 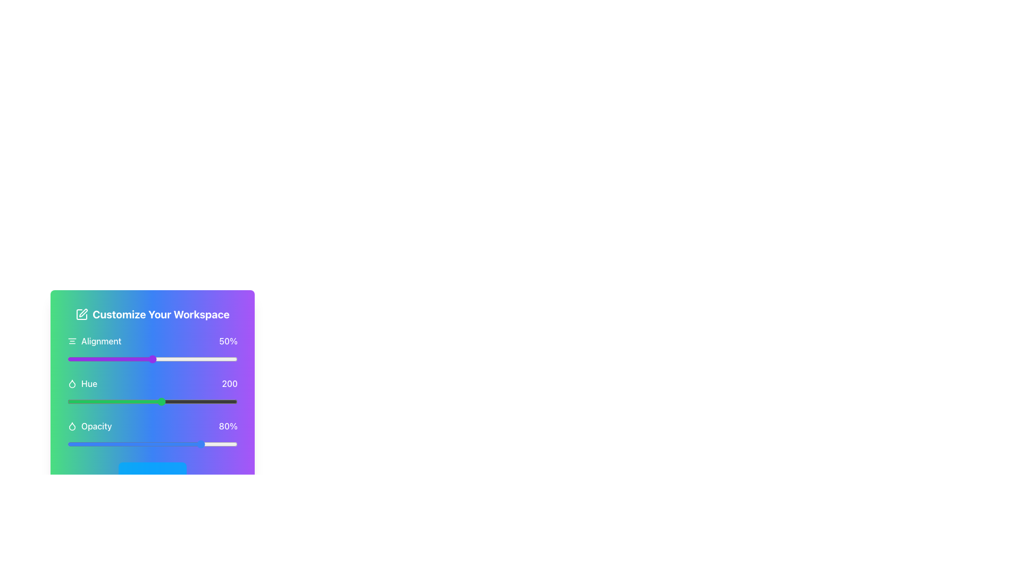 What do you see at coordinates (183, 444) in the screenshot?
I see `the opacity slider` at bounding box center [183, 444].